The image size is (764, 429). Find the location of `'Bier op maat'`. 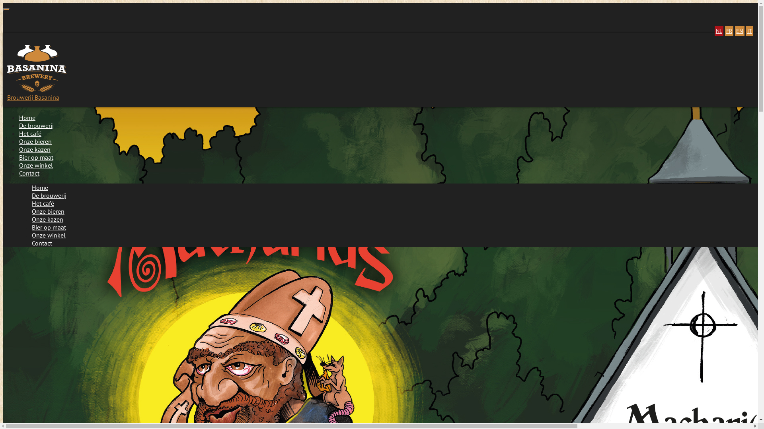

'Bier op maat' is located at coordinates (38, 157).